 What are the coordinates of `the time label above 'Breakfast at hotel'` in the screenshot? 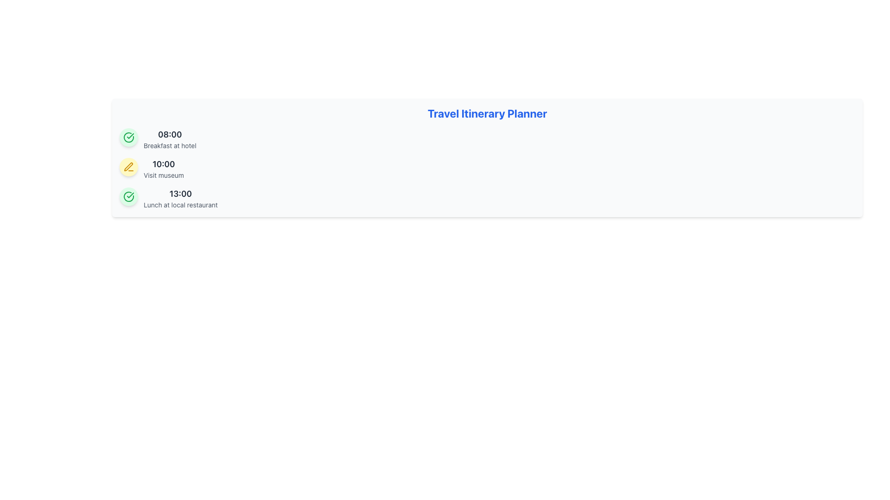 It's located at (170, 134).